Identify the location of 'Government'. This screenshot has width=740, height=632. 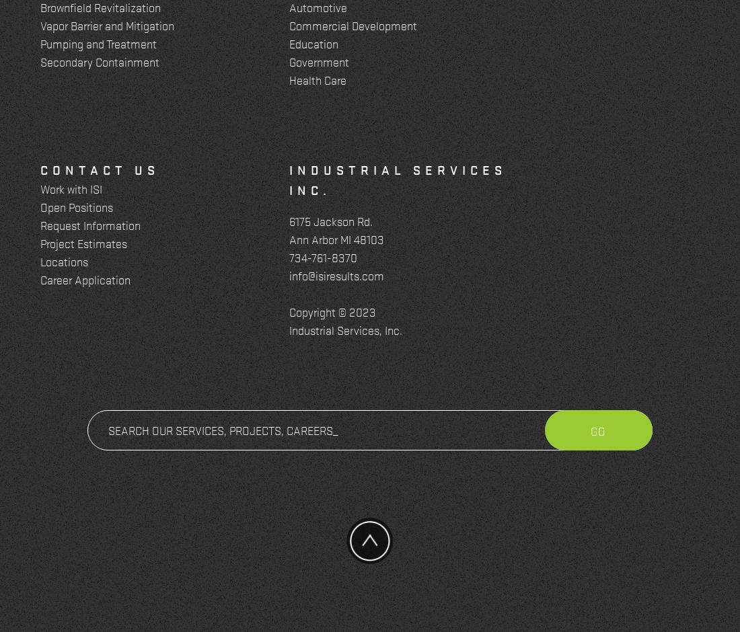
(318, 61).